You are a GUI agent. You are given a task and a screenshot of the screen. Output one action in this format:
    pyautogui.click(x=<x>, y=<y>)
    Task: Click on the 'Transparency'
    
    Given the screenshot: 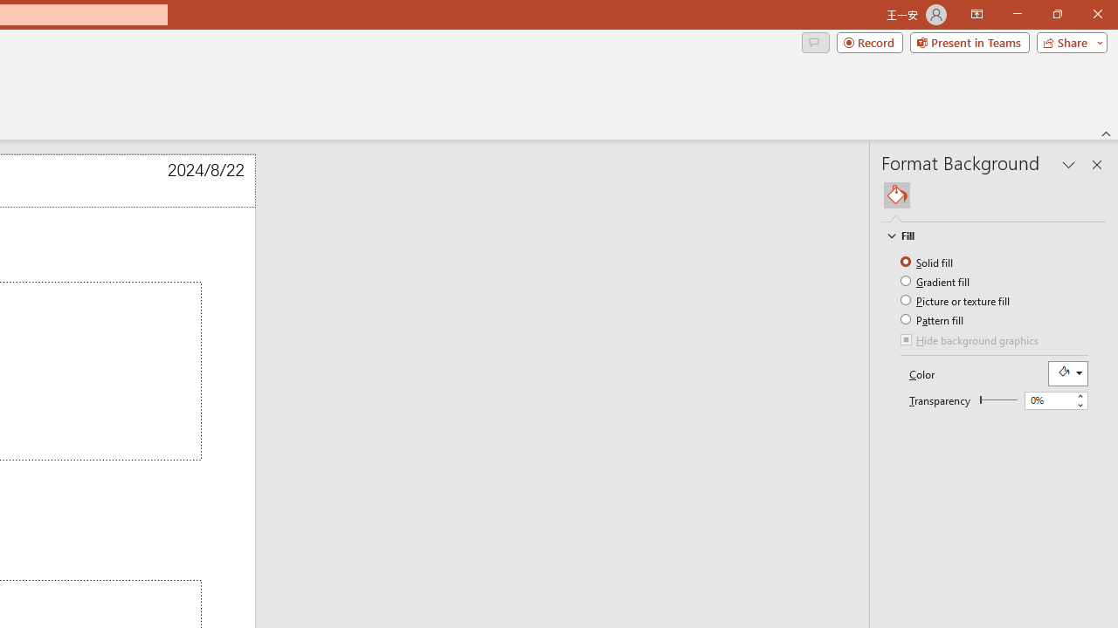 What is the action you would take?
    pyautogui.click(x=998, y=399)
    